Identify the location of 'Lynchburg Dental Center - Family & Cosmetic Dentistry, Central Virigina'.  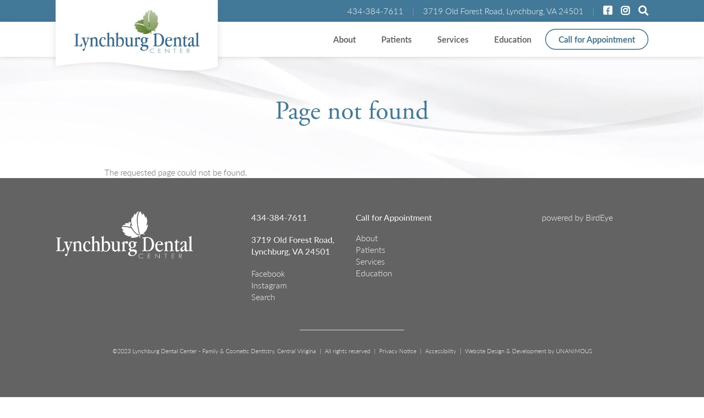
(130, 350).